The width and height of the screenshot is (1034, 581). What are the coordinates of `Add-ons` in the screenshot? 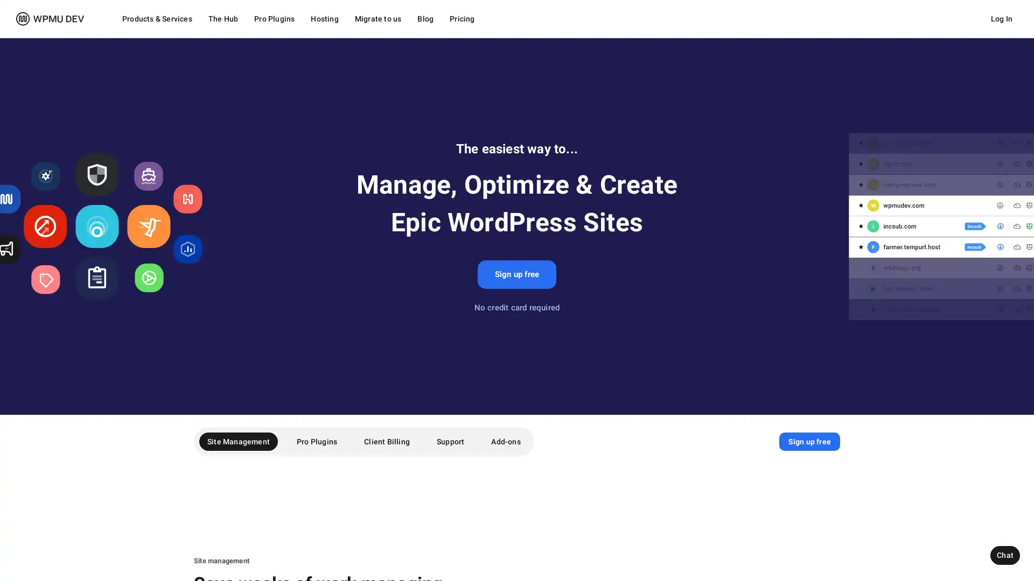 It's located at (505, 442).